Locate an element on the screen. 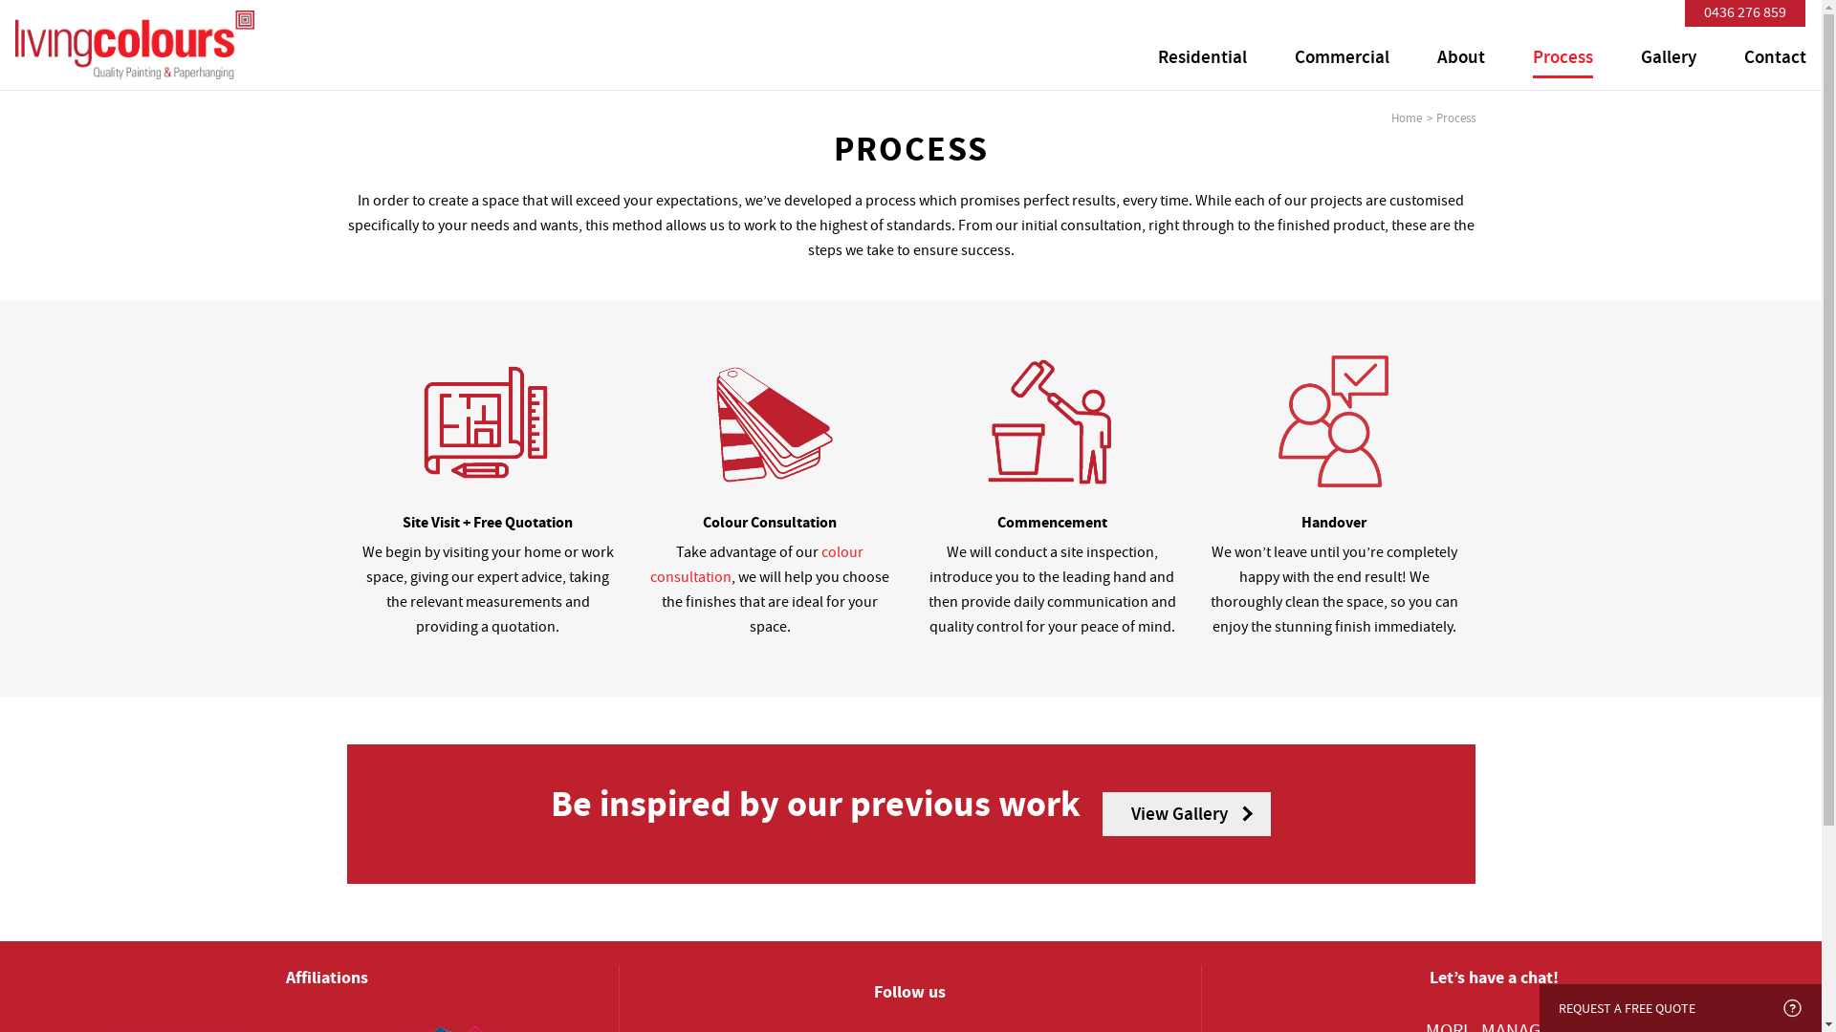  'View Gallery' is located at coordinates (1181, 810).